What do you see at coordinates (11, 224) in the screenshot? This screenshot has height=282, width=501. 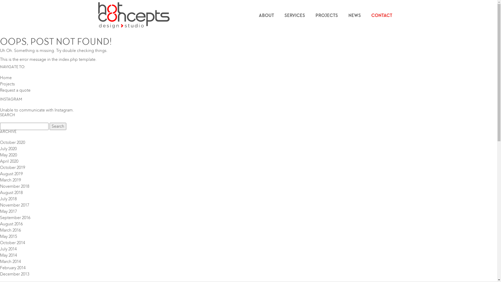 I see `'August 2016'` at bounding box center [11, 224].